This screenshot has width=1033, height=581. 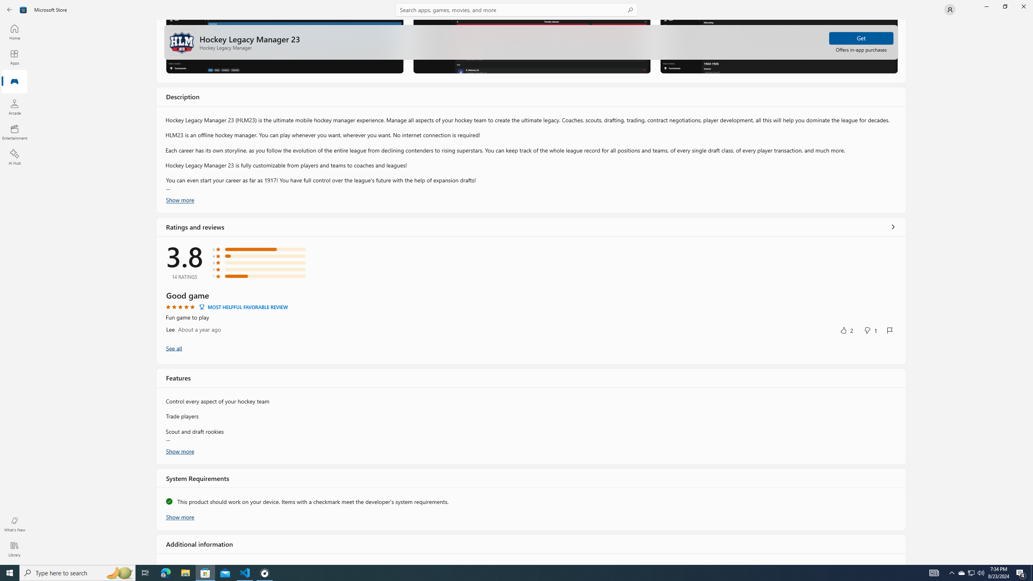 I want to click on 'Report review', so click(x=890, y=330).